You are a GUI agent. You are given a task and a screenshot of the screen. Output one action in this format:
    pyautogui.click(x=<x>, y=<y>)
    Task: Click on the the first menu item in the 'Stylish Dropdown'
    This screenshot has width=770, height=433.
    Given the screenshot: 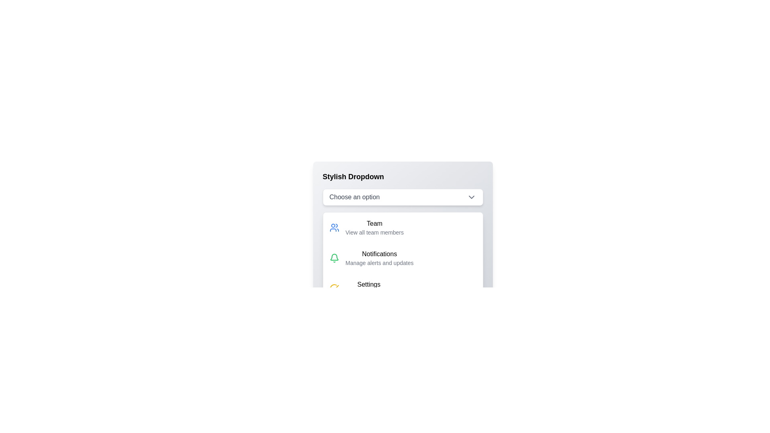 What is the action you would take?
    pyautogui.click(x=374, y=227)
    